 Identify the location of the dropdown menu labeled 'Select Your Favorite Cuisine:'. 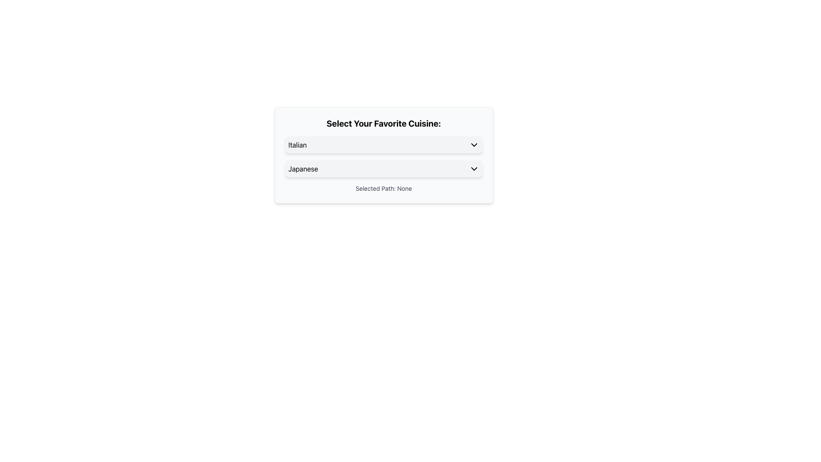
(383, 157).